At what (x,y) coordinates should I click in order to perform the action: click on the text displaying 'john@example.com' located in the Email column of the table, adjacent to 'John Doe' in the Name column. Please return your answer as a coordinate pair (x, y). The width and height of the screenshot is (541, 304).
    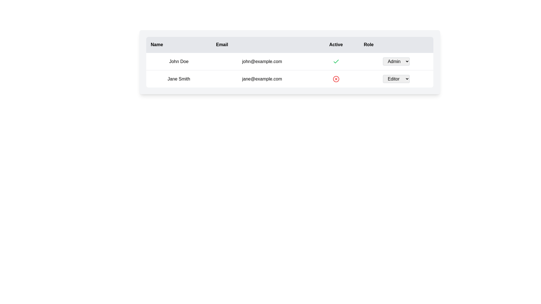
    Looking at the image, I should click on (262, 61).